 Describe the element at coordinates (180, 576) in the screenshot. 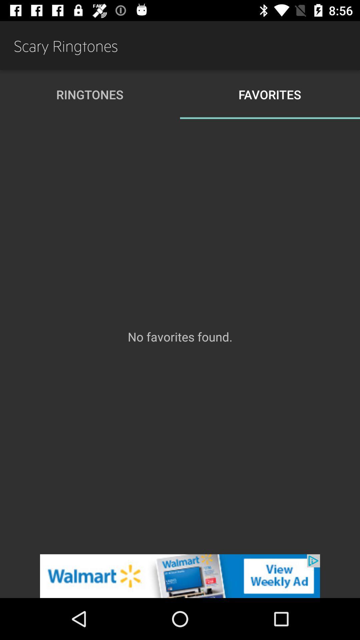

I see `banner` at that location.